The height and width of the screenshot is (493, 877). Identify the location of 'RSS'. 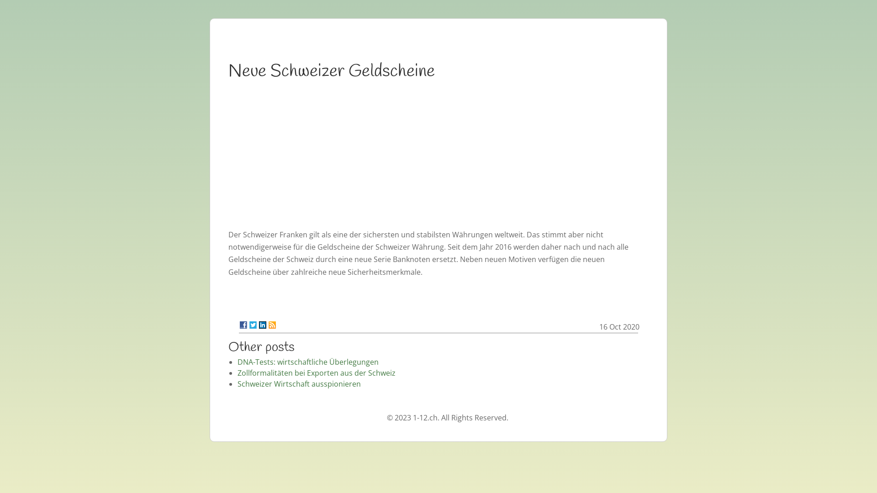
(271, 325).